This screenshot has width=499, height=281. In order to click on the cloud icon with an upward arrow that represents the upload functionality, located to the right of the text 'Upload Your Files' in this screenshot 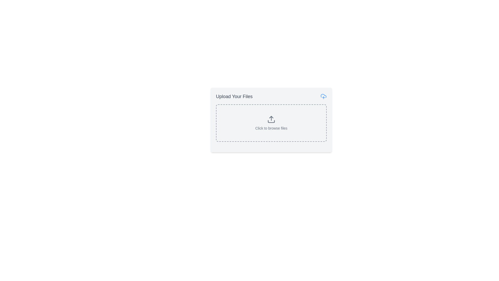, I will do `click(323, 96)`.